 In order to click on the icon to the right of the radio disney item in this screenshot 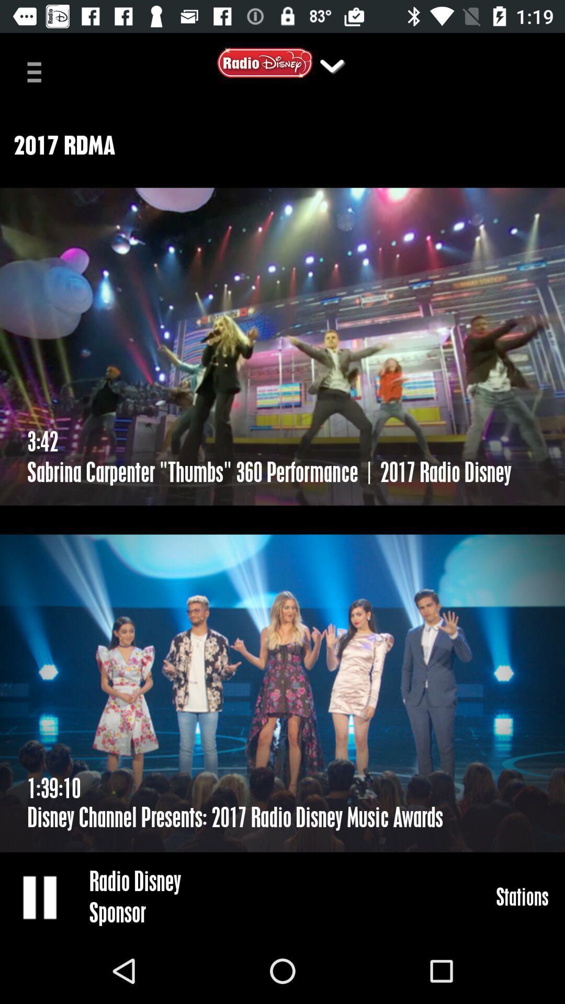, I will do `click(522, 896)`.